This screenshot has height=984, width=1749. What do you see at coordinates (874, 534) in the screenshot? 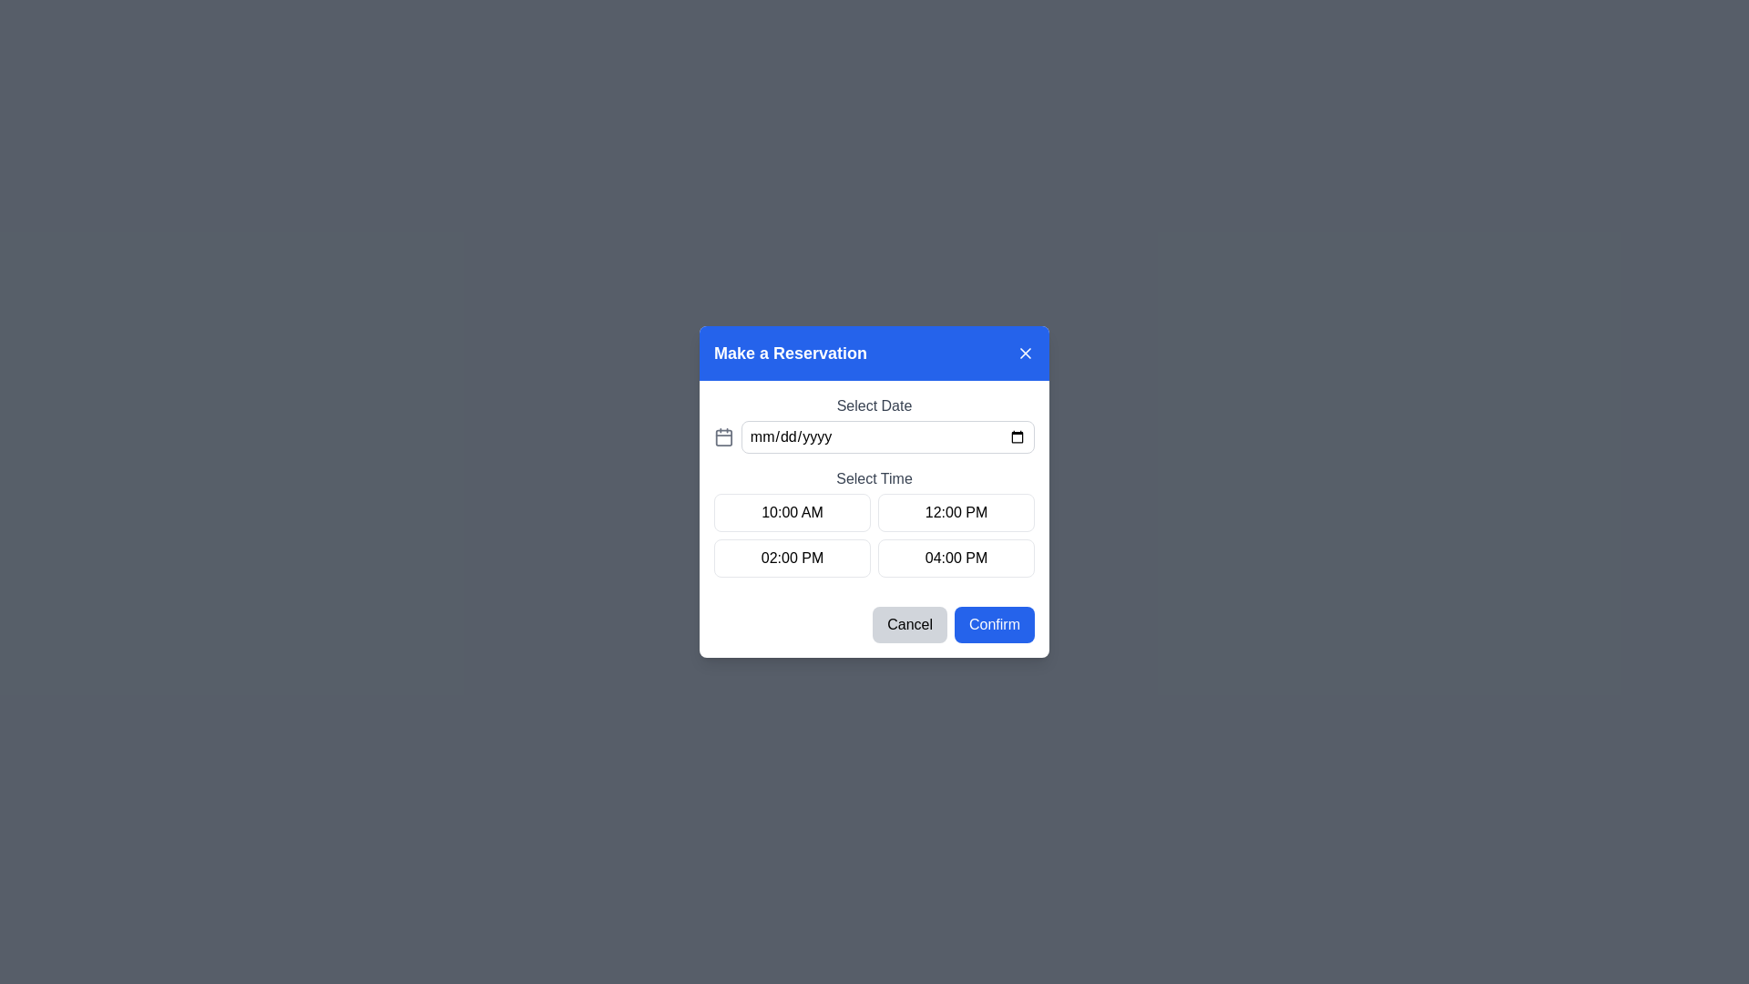
I see `the time selection grid in the 'Make a Reservation' modal` at bounding box center [874, 534].